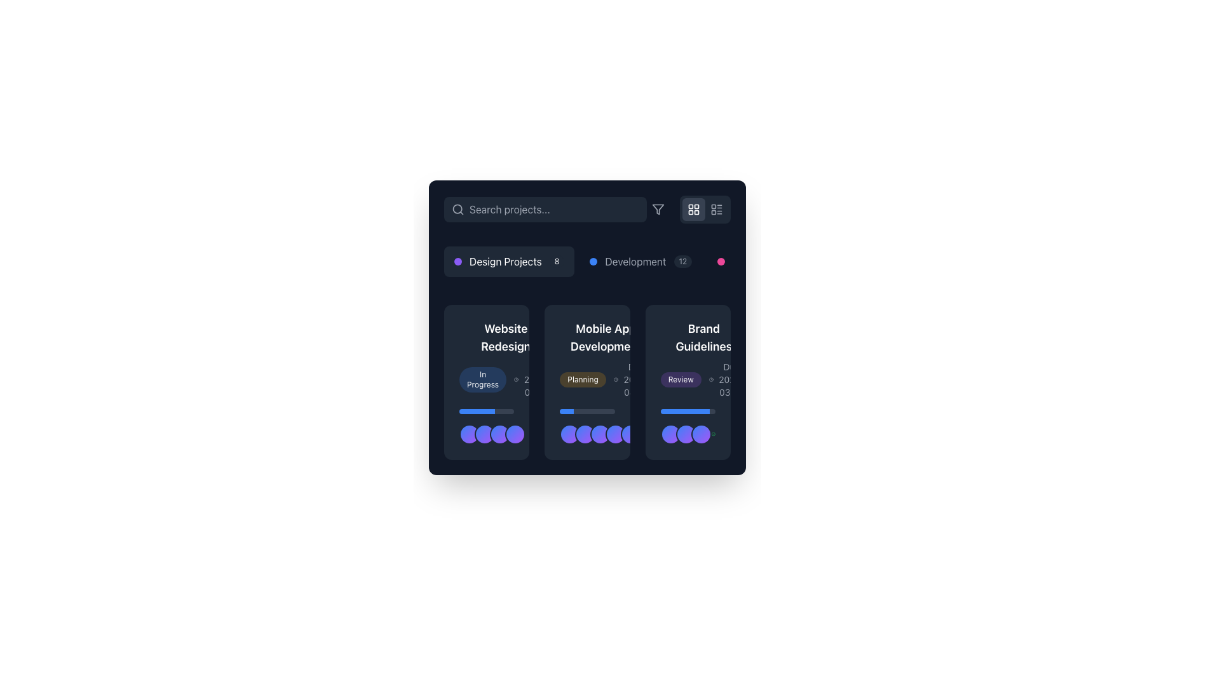  Describe the element at coordinates (515, 433) in the screenshot. I see `the fourth circle from the left in a row of similar circular elements located at the bottom part of the third card from the left in a grid of three cards` at that location.